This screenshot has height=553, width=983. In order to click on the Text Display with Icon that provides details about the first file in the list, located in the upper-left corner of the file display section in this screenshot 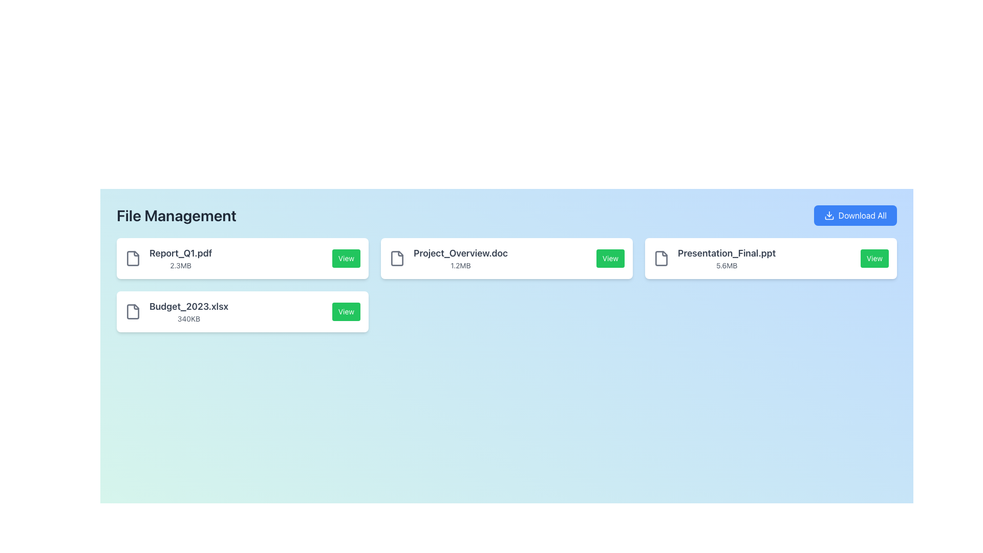, I will do `click(168, 258)`.